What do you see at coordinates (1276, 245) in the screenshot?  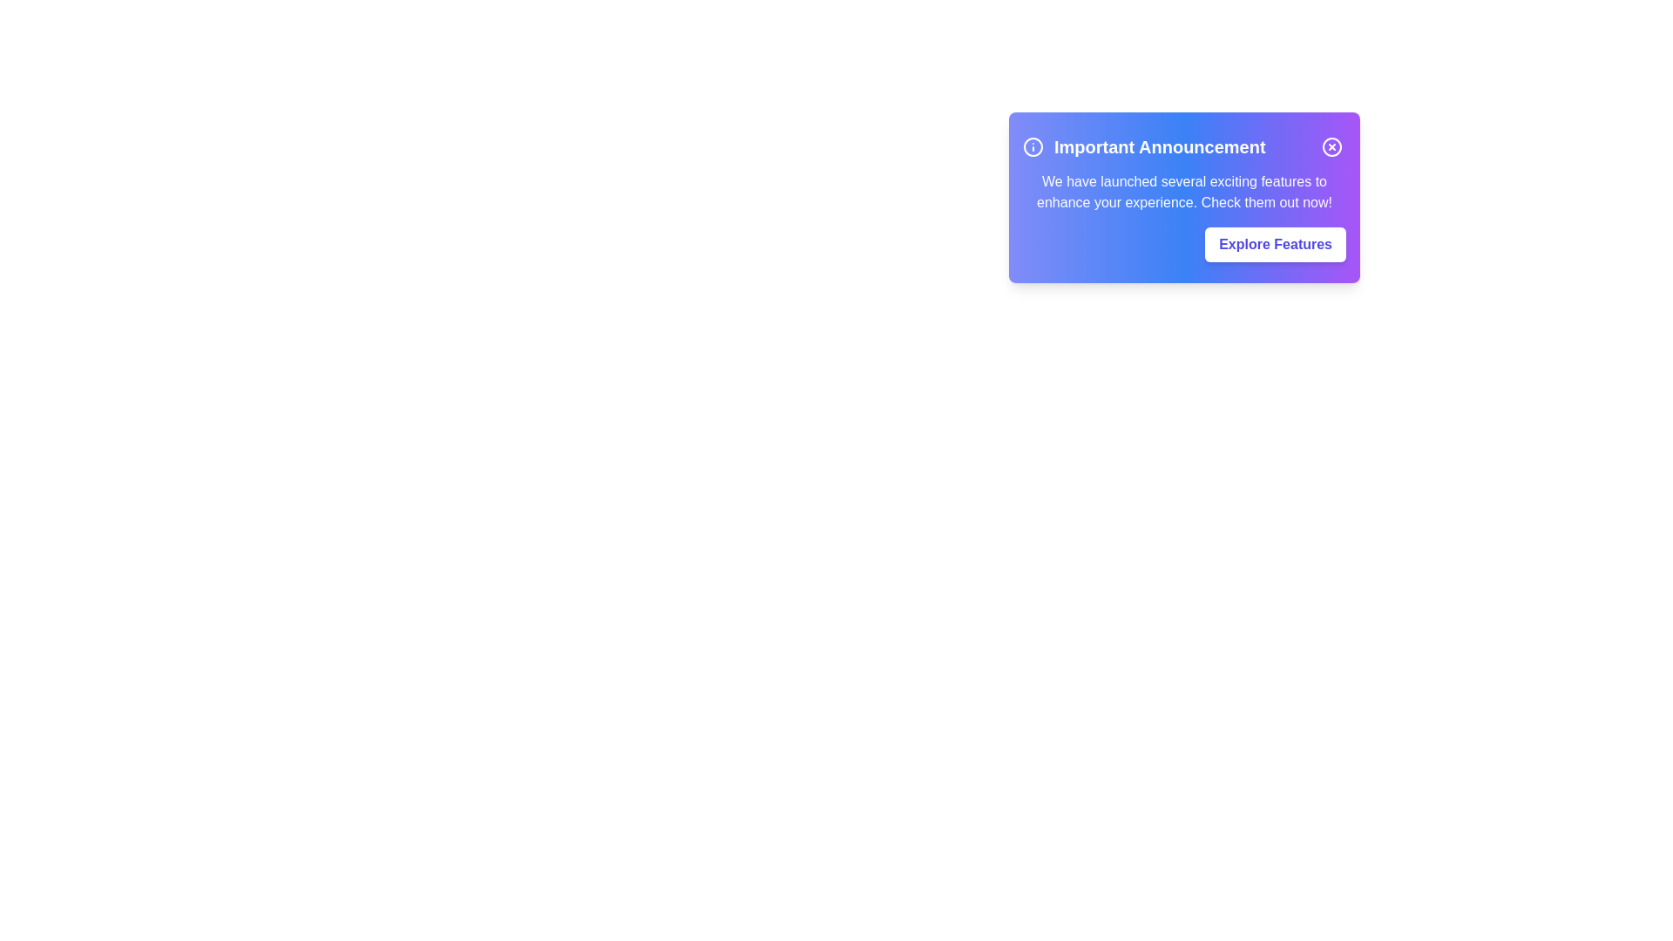 I see `the 'Explore Features' button to navigate to the features section` at bounding box center [1276, 245].